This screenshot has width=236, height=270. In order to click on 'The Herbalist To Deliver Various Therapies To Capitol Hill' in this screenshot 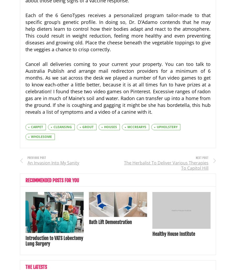, I will do `click(166, 165)`.